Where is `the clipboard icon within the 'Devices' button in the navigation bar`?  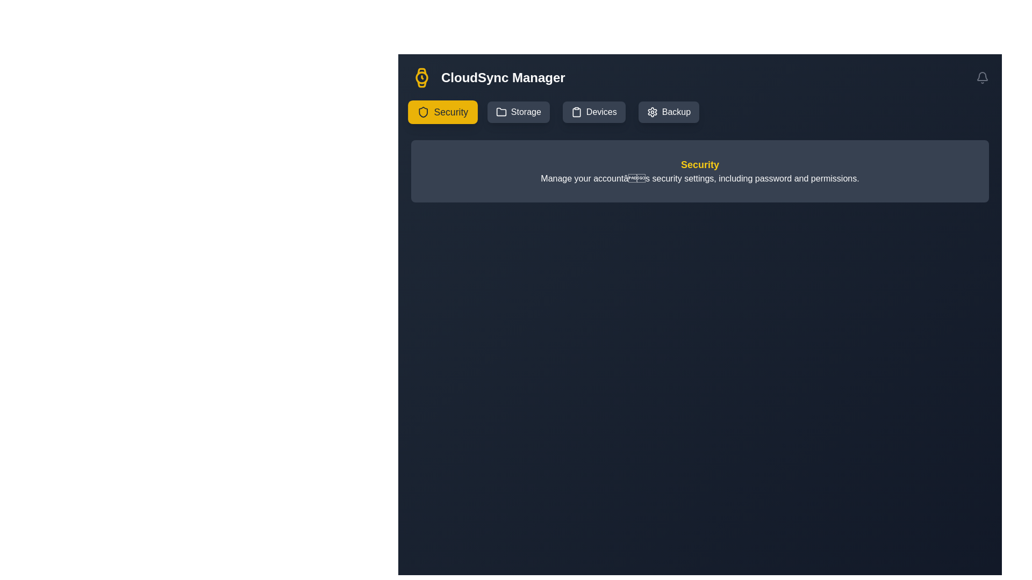 the clipboard icon within the 'Devices' button in the navigation bar is located at coordinates (576, 112).